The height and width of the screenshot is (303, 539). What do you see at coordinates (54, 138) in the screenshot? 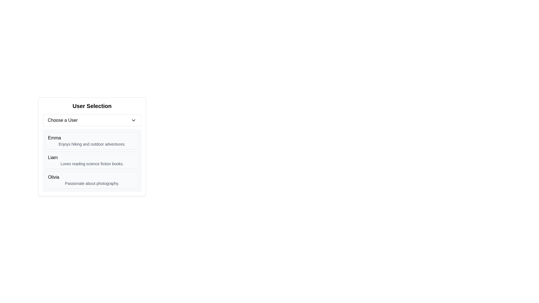
I see `the static text label that displays the user's first name, located under the 'Choose a User' dropdown in the user data list` at bounding box center [54, 138].